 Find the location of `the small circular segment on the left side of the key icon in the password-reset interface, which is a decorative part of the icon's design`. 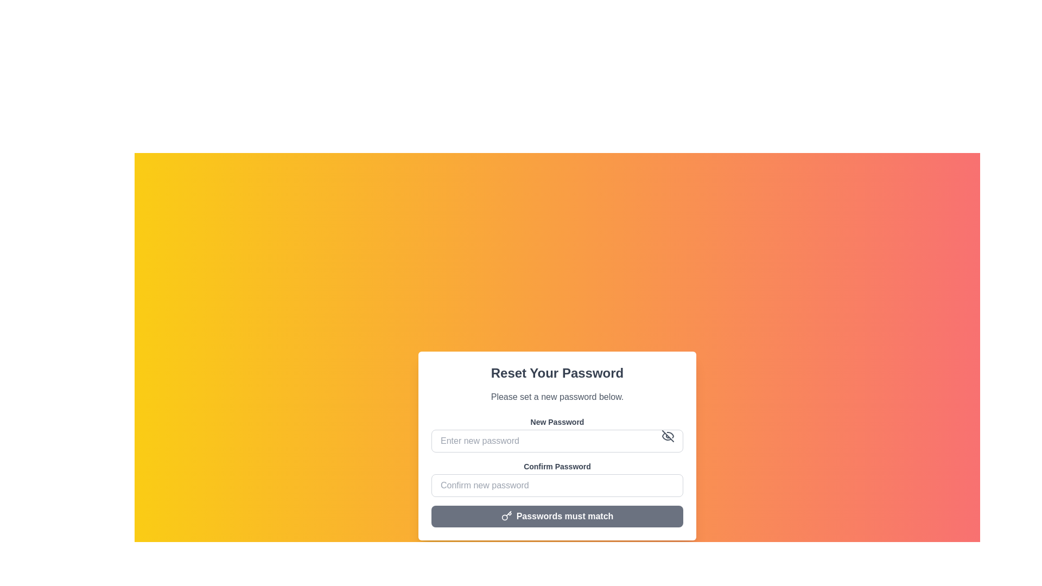

the small circular segment on the left side of the key icon in the password-reset interface, which is a decorative part of the icon's design is located at coordinates (504, 517).